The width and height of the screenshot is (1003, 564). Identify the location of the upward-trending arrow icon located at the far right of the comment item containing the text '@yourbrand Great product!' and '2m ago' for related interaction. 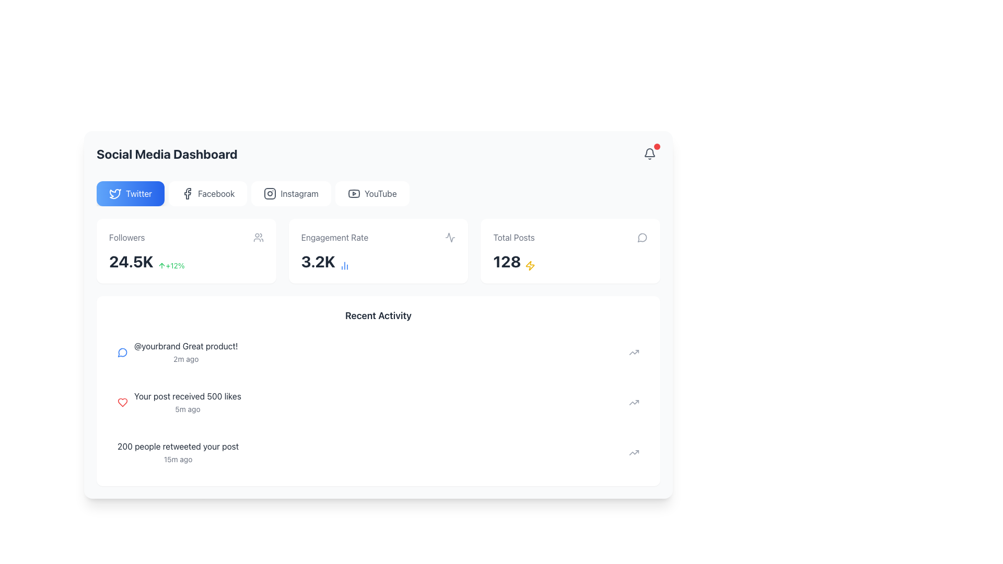
(634, 352).